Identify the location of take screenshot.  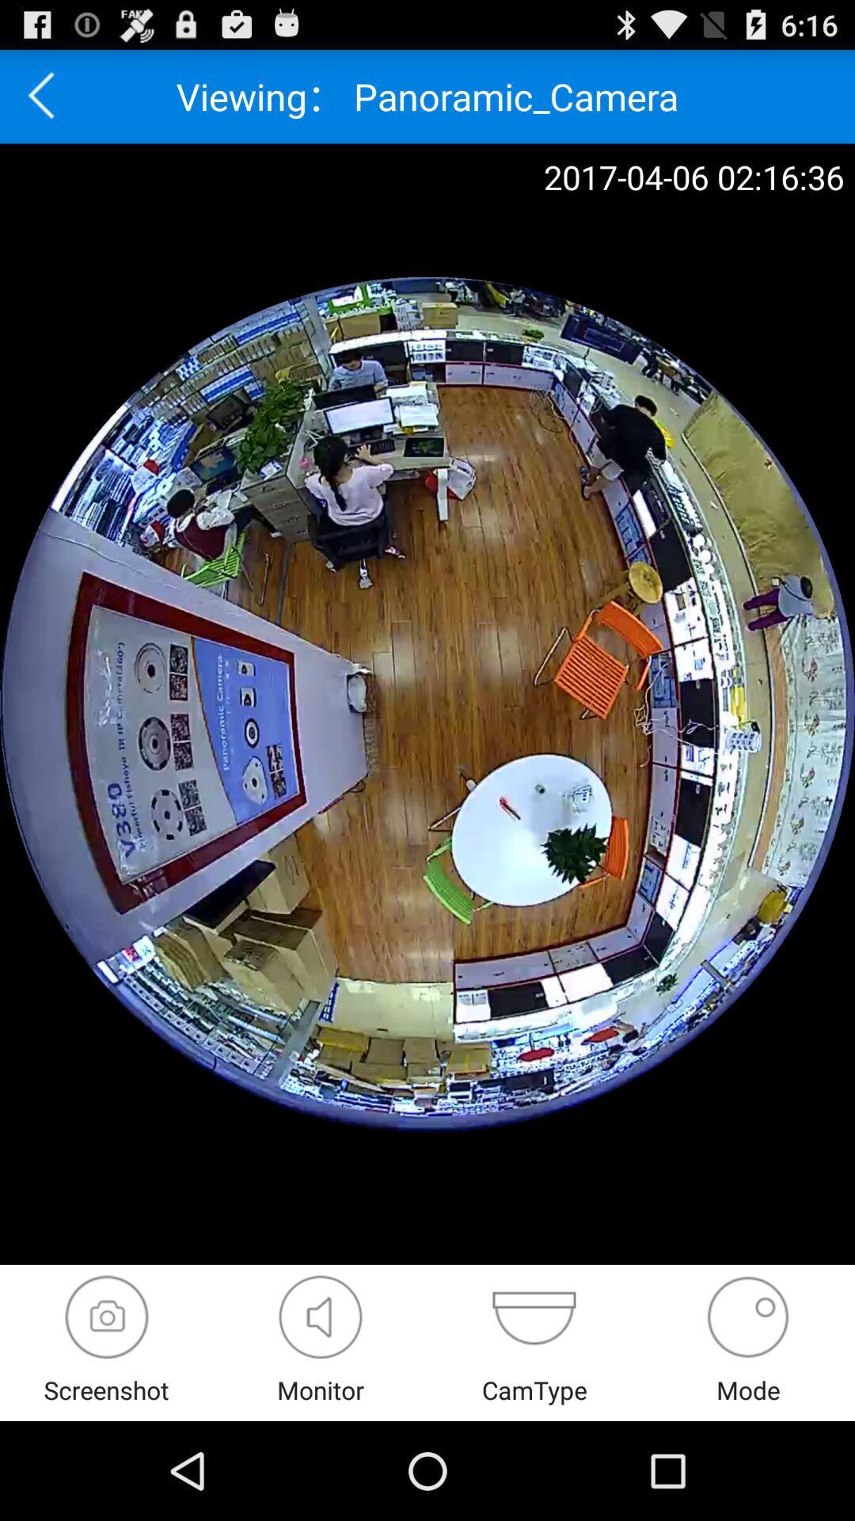
(107, 1317).